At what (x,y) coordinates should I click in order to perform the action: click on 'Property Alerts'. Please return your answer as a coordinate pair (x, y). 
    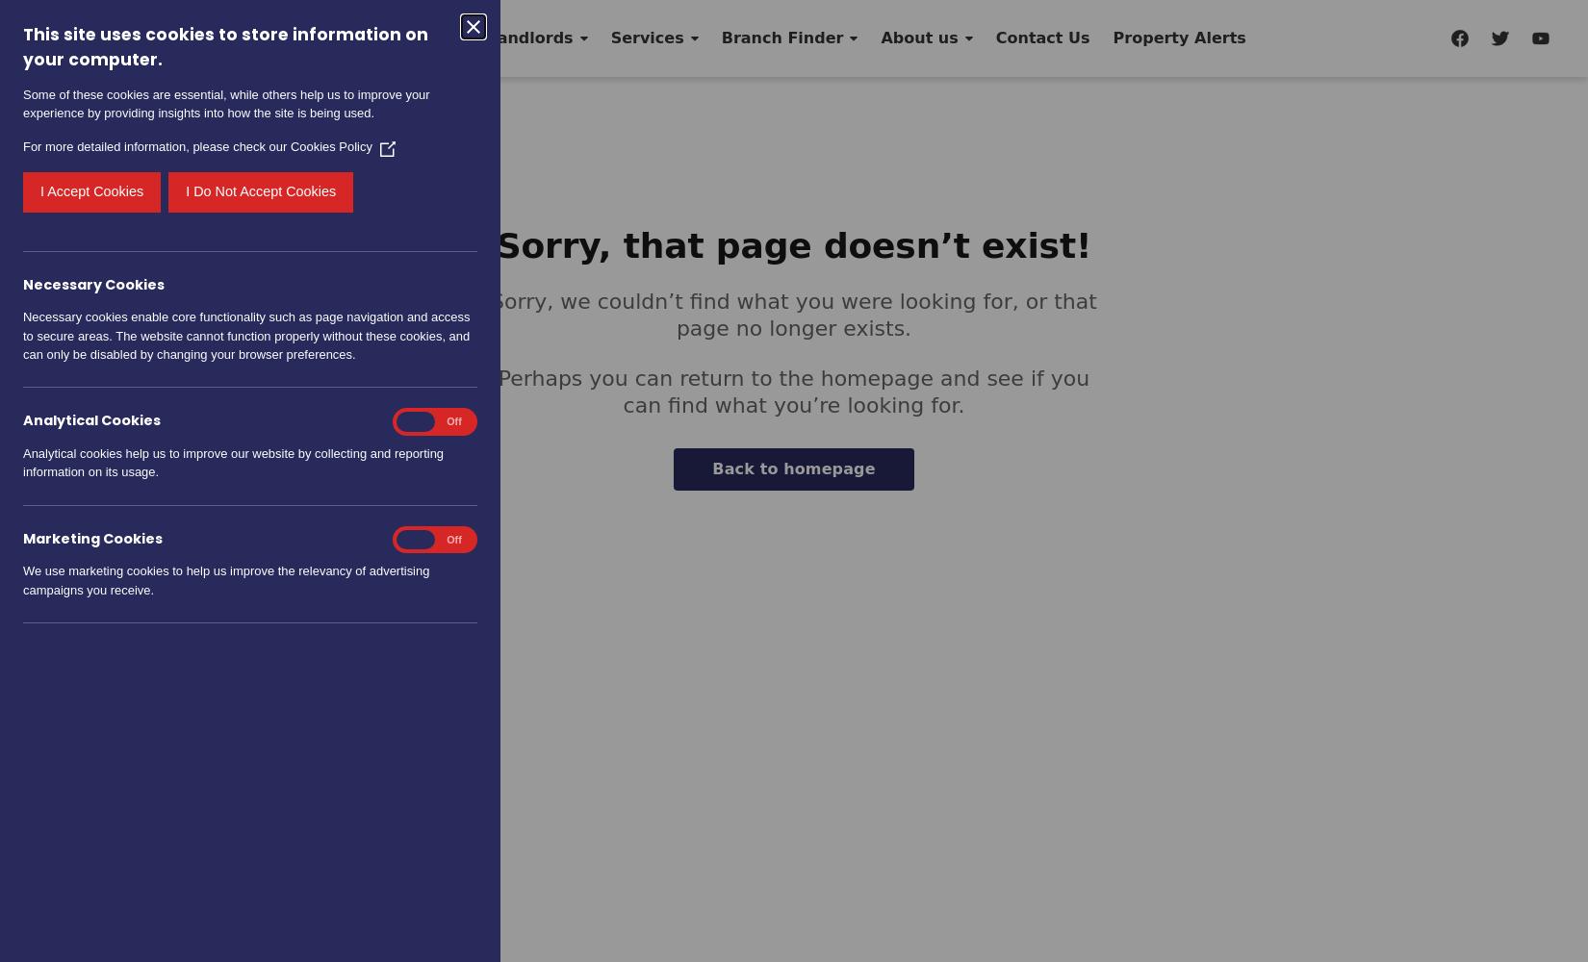
    Looking at the image, I should click on (1178, 38).